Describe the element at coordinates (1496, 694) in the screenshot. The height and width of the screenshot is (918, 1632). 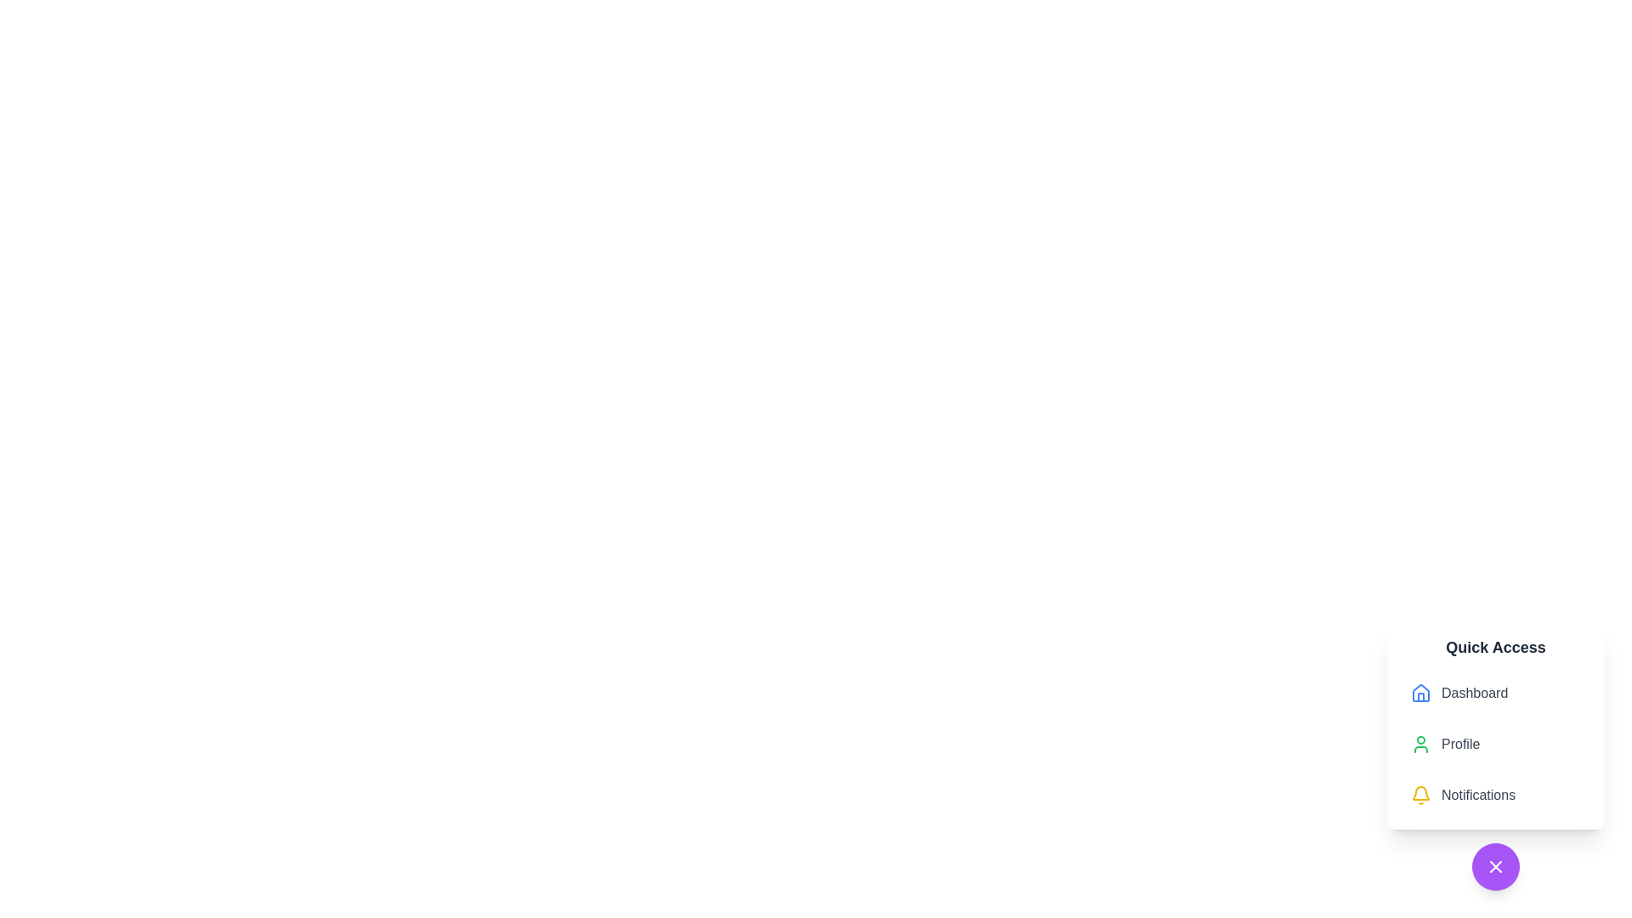
I see `the 'Dashboard' button, which features a house icon and gray text, located at the top of the 'Quick Access' menu` at that location.